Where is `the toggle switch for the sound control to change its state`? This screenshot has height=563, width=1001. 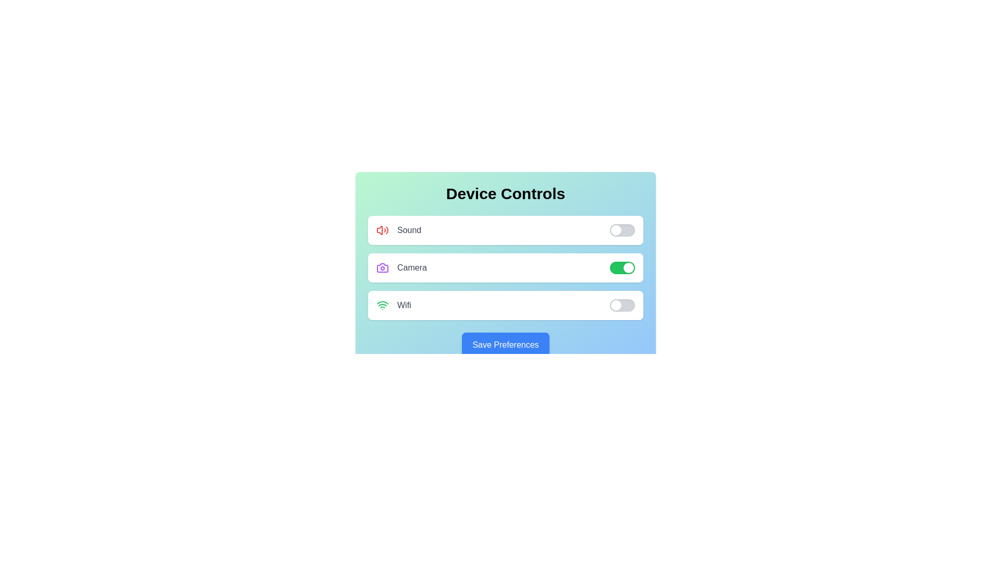
the toggle switch for the sound control to change its state is located at coordinates (622, 230).